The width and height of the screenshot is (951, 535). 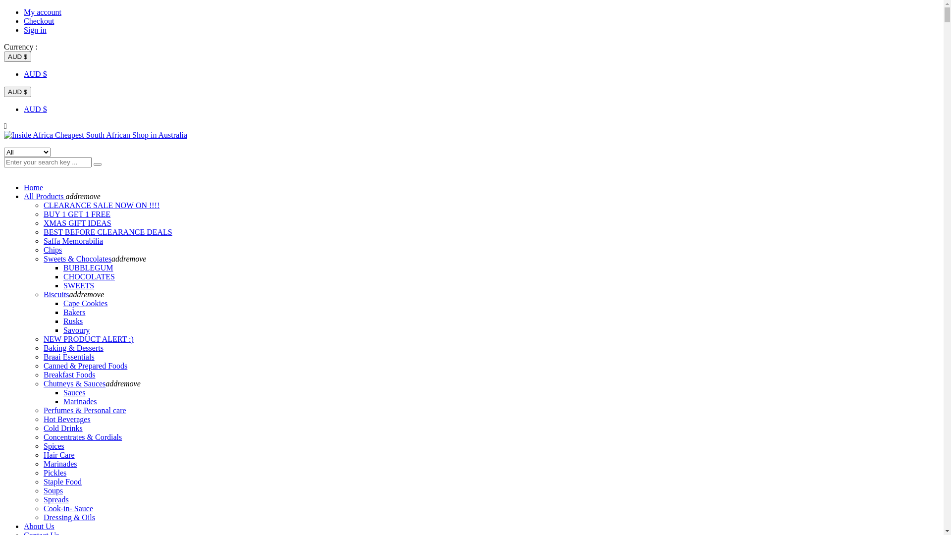 I want to click on 'Soups', so click(x=53, y=490).